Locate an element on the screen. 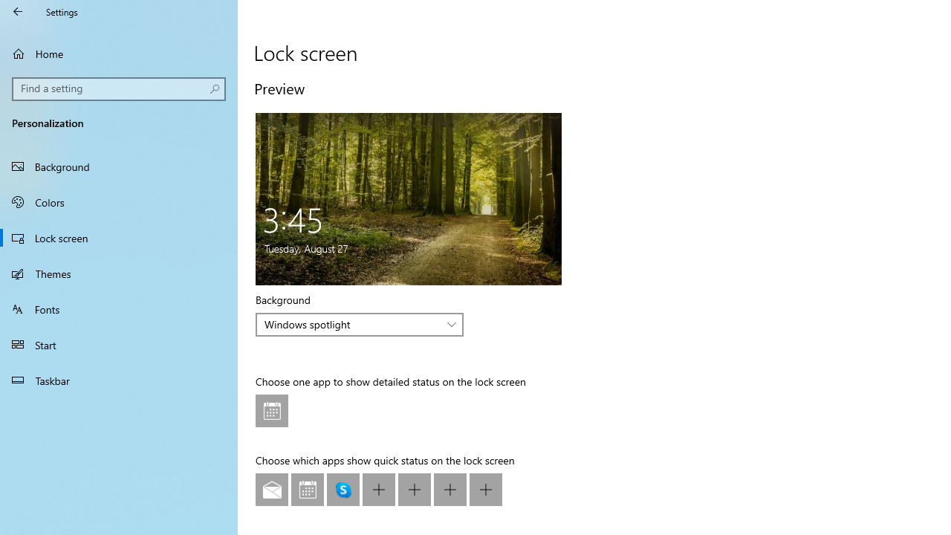 The width and height of the screenshot is (951, 535). 'Taskbar' is located at coordinates (119, 379).